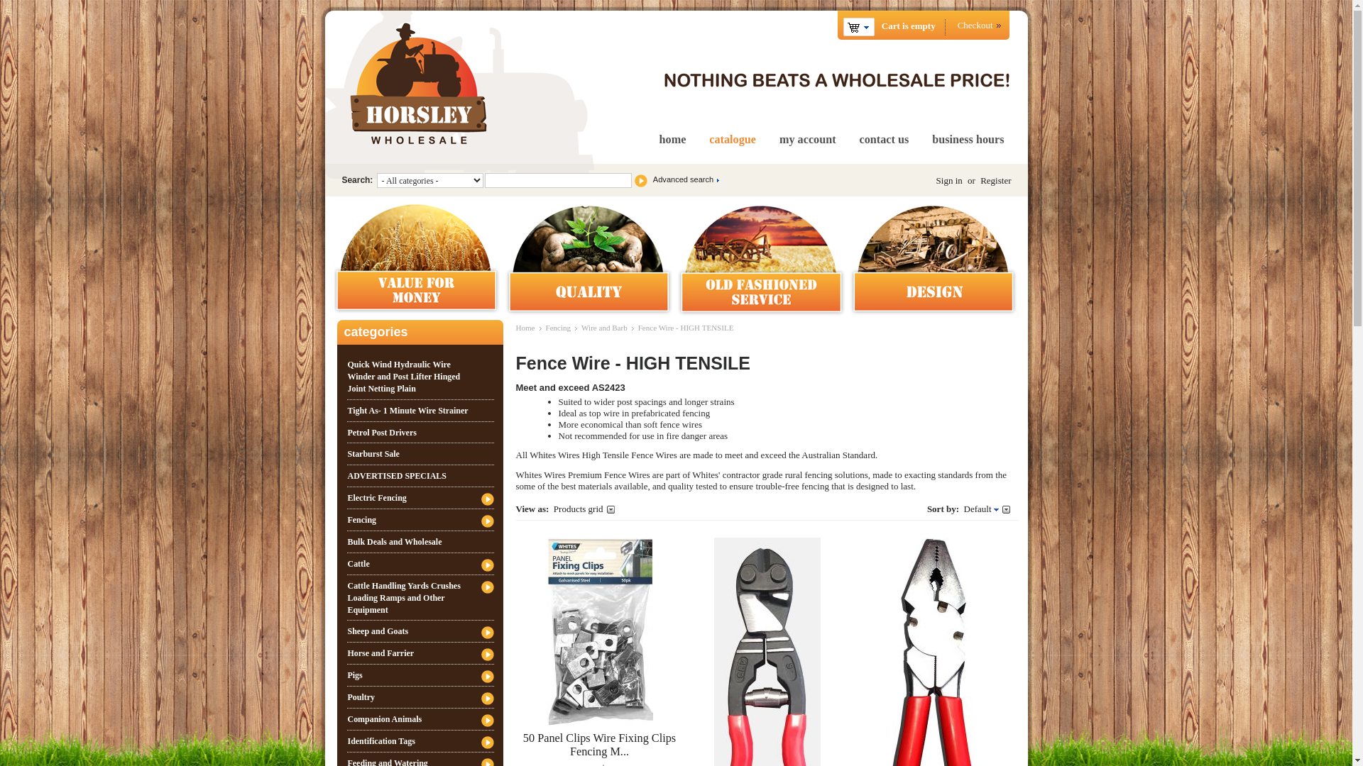 This screenshot has width=1363, height=766. What do you see at coordinates (672, 139) in the screenshot?
I see `'home'` at bounding box center [672, 139].